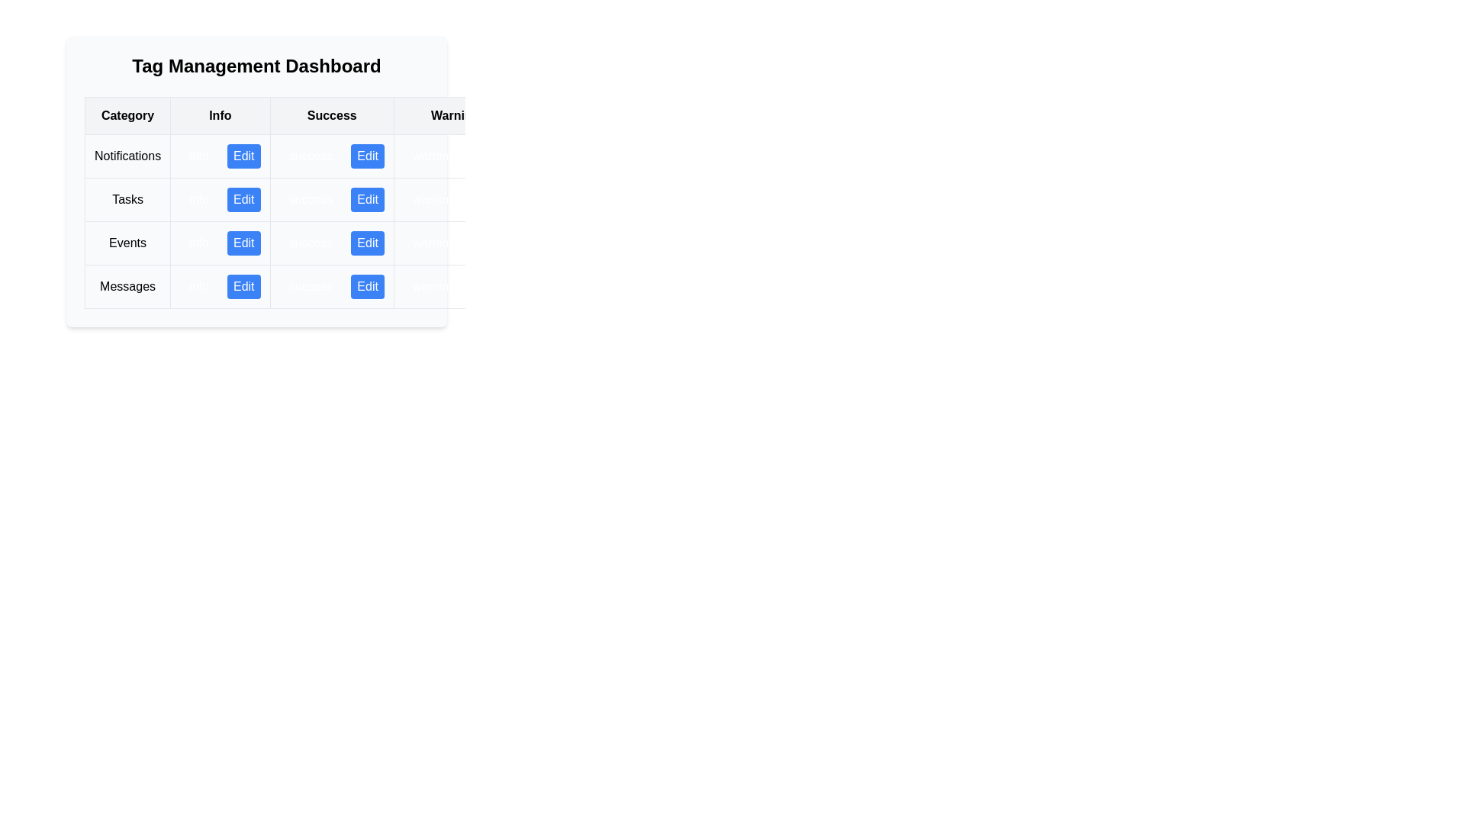 The width and height of the screenshot is (1465, 824). Describe the element at coordinates (454, 286) in the screenshot. I see `the 'Edit' button in the 'Warning' category within the last row of the table labeled 'Messages' to modify the associated data` at that location.